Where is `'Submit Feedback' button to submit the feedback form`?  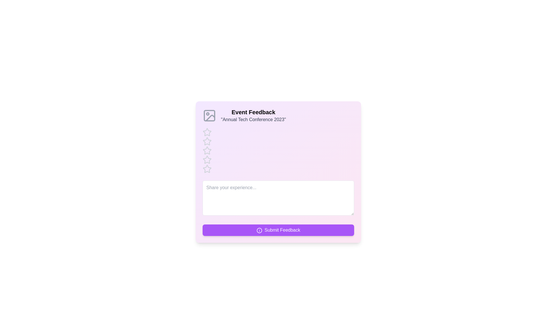 'Submit Feedback' button to submit the feedback form is located at coordinates (278, 230).